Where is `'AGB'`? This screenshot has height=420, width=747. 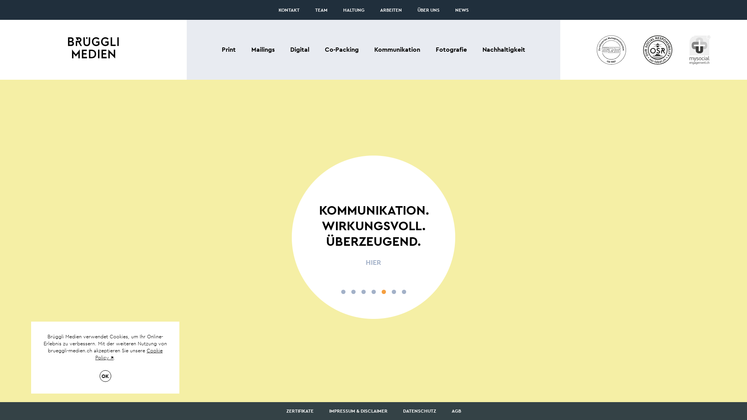
'AGB' is located at coordinates (456, 410).